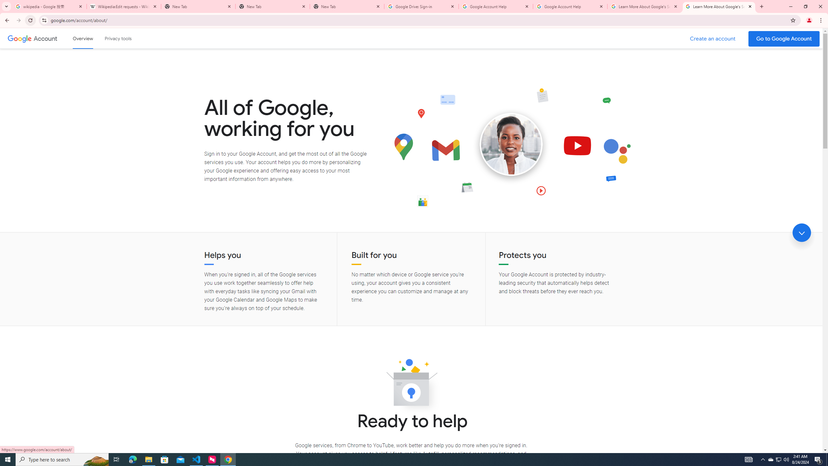 Image resolution: width=828 pixels, height=466 pixels. Describe the element at coordinates (83, 38) in the screenshot. I see `'Google Account overview'` at that location.